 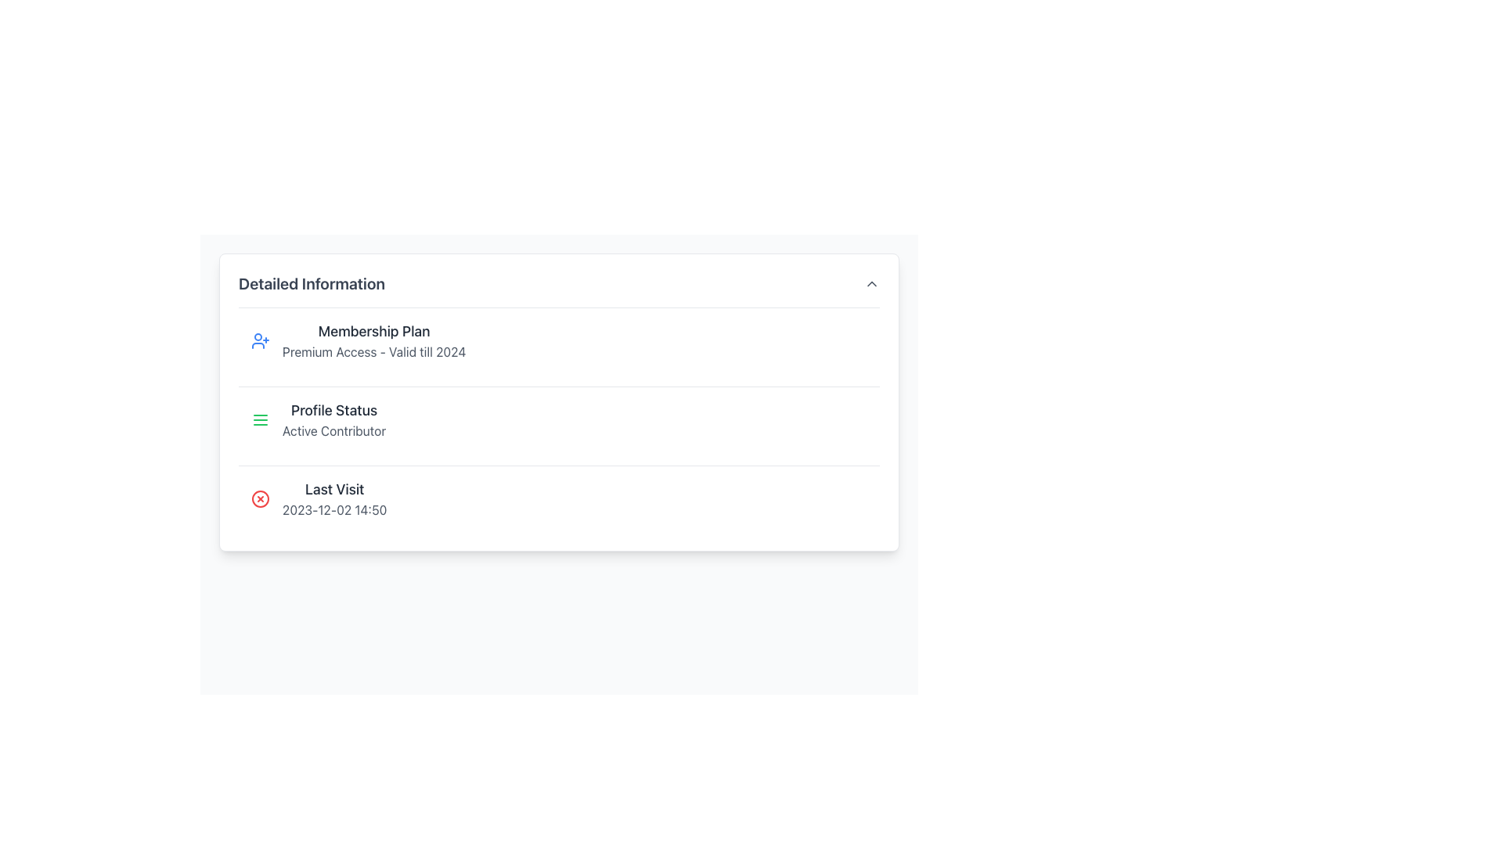 What do you see at coordinates (260, 498) in the screenshot?
I see `the red circular SVG graphic element that represents a button or icon located within the 'Last Visit' section of the card, which is styled with a stroke and contains a cross overlay` at bounding box center [260, 498].